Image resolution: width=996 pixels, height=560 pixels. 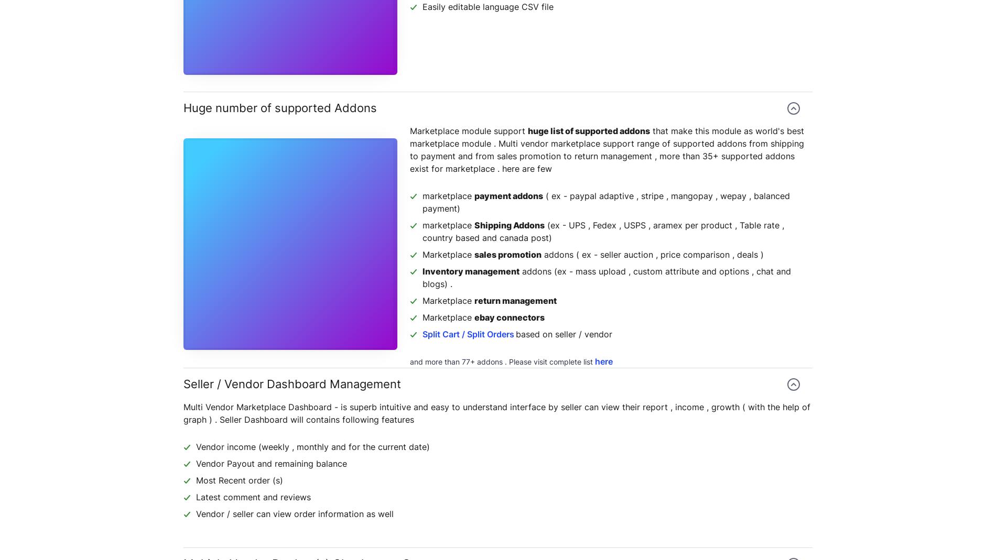 I want to click on 'Most Recent order (s)', so click(x=239, y=479).